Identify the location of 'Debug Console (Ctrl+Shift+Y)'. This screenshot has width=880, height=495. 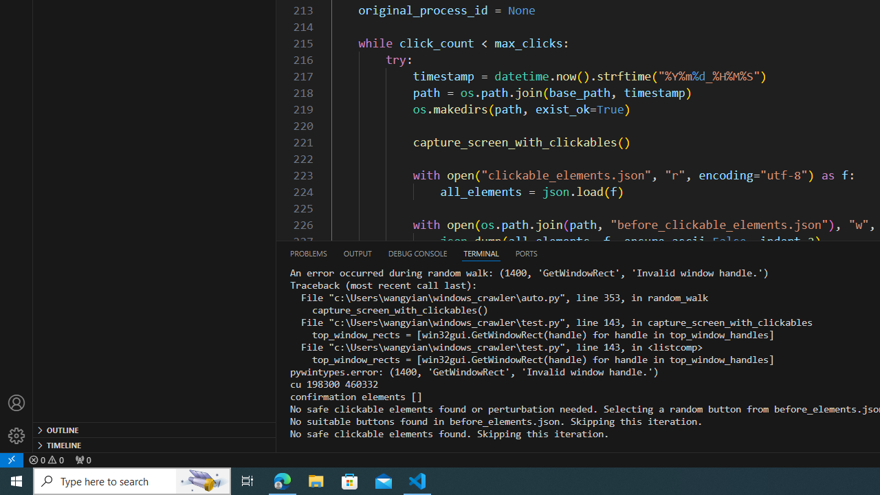
(417, 253).